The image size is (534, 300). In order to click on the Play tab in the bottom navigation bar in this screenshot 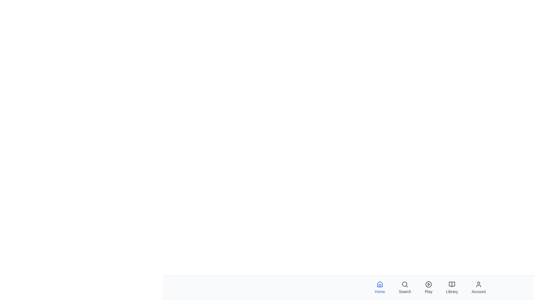, I will do `click(428, 287)`.